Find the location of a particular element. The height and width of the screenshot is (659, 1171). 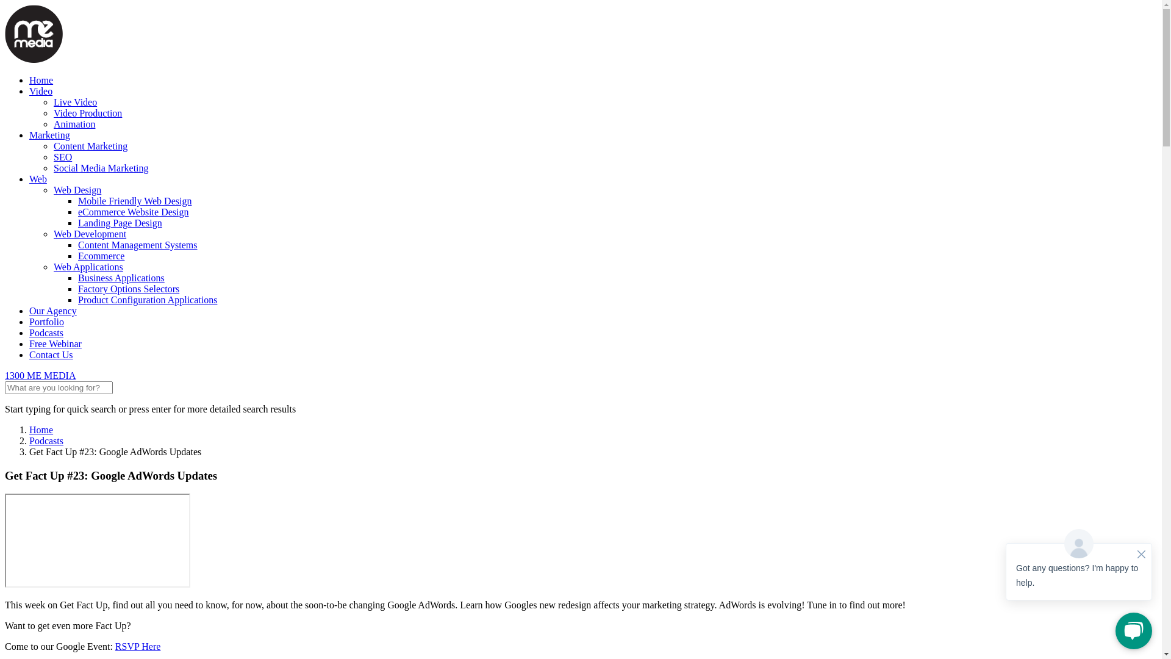

'Ecommerce' is located at coordinates (101, 255).